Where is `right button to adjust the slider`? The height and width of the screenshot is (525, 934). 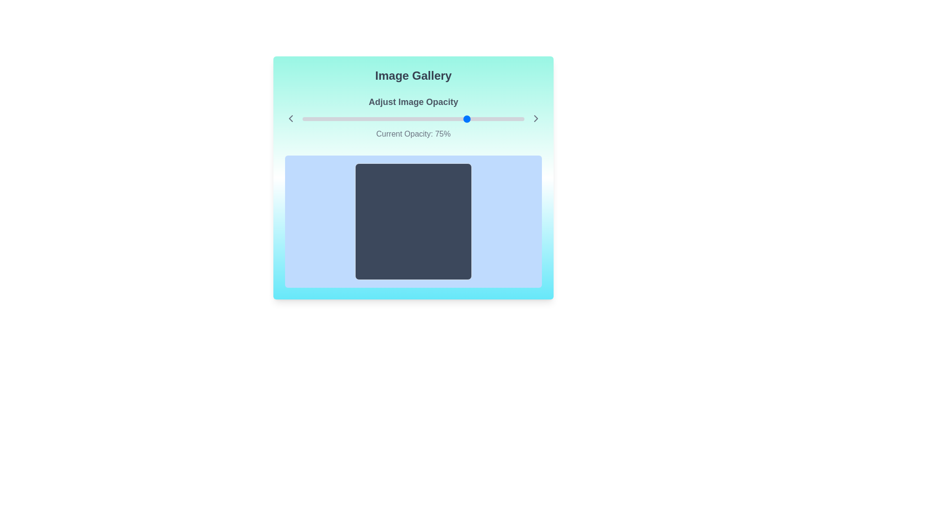
right button to adjust the slider is located at coordinates (536, 118).